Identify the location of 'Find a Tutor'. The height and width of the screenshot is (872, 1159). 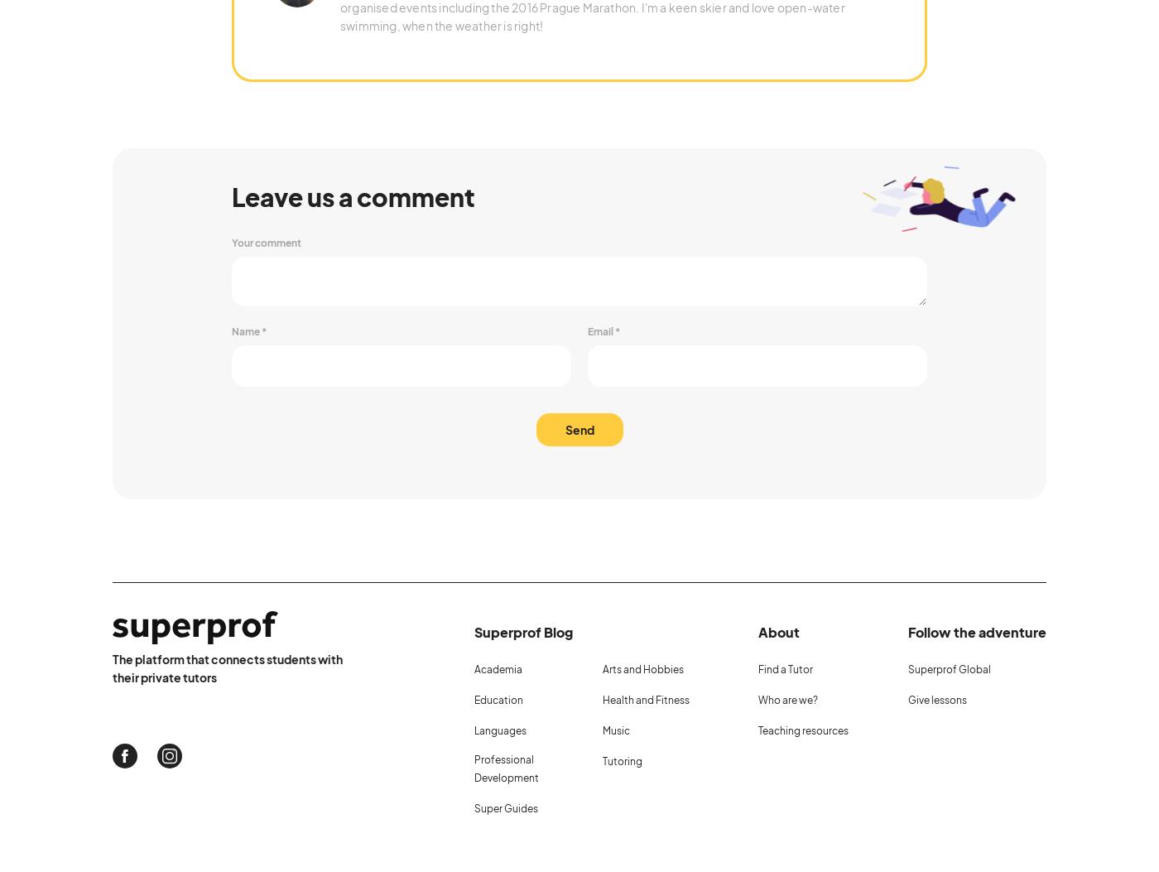
(786, 668).